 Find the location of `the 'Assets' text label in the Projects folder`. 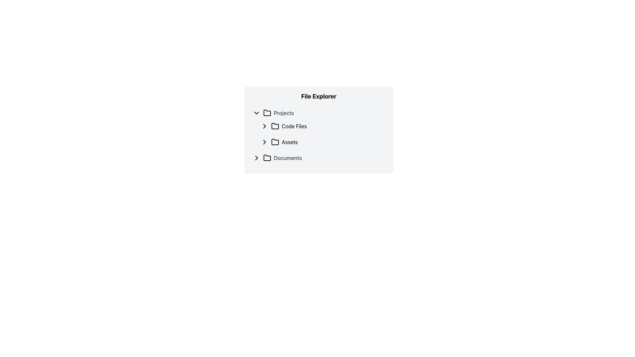

the 'Assets' text label in the Projects folder is located at coordinates (290, 141).